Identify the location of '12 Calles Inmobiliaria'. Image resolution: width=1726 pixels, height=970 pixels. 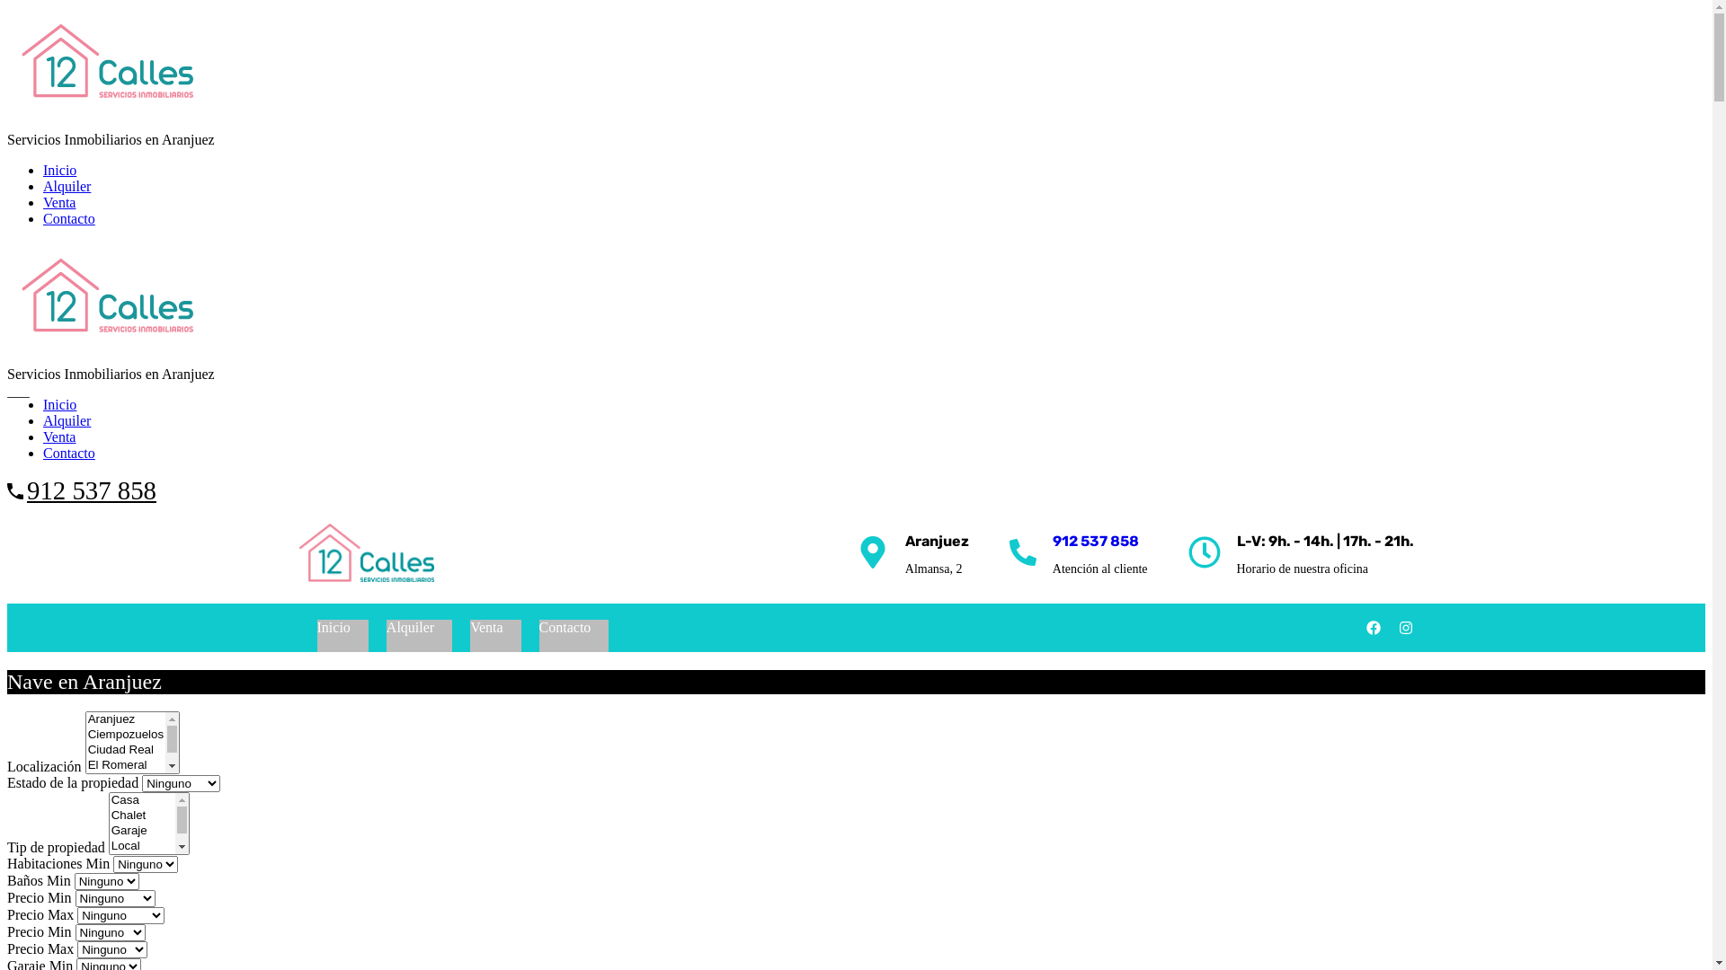
(106, 343).